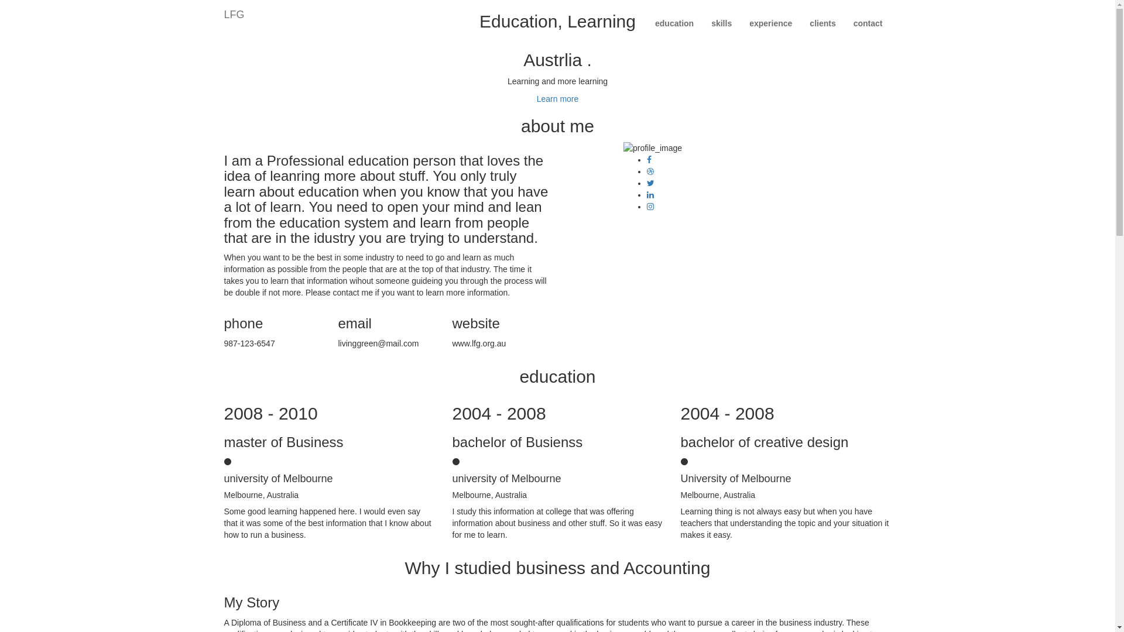 The image size is (1124, 632). I want to click on 'clients', so click(822, 23).